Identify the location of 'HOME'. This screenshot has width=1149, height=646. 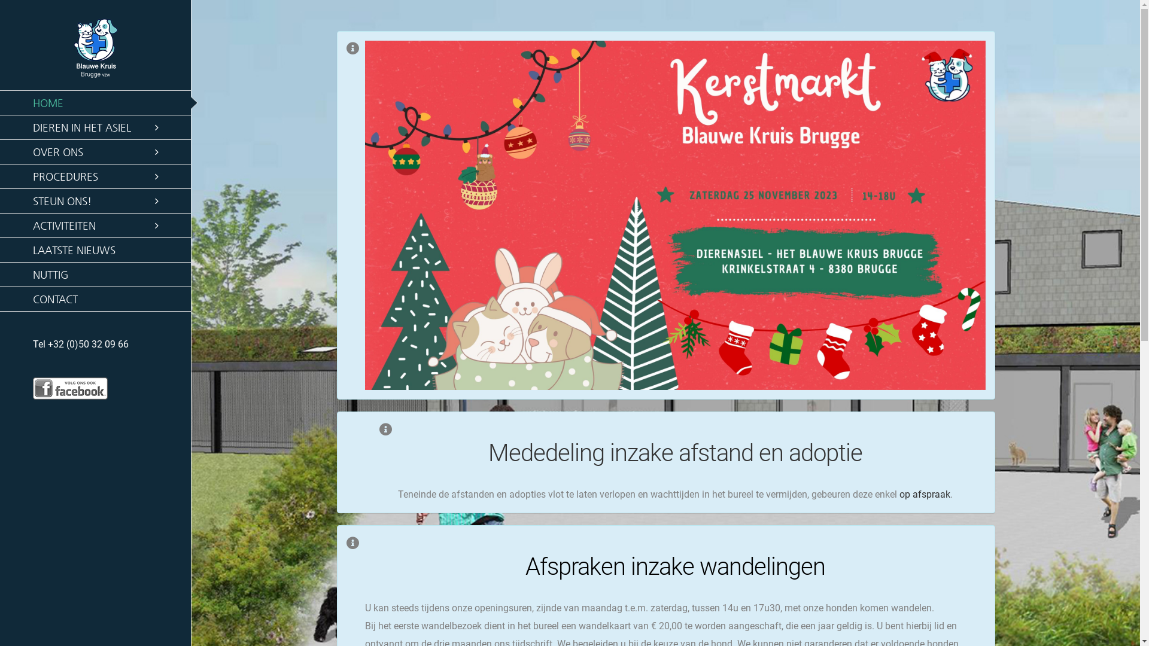
(95, 102).